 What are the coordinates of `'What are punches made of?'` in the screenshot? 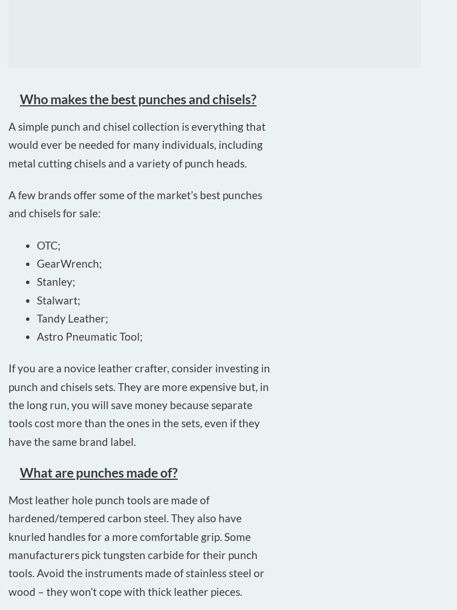 It's located at (20, 472).